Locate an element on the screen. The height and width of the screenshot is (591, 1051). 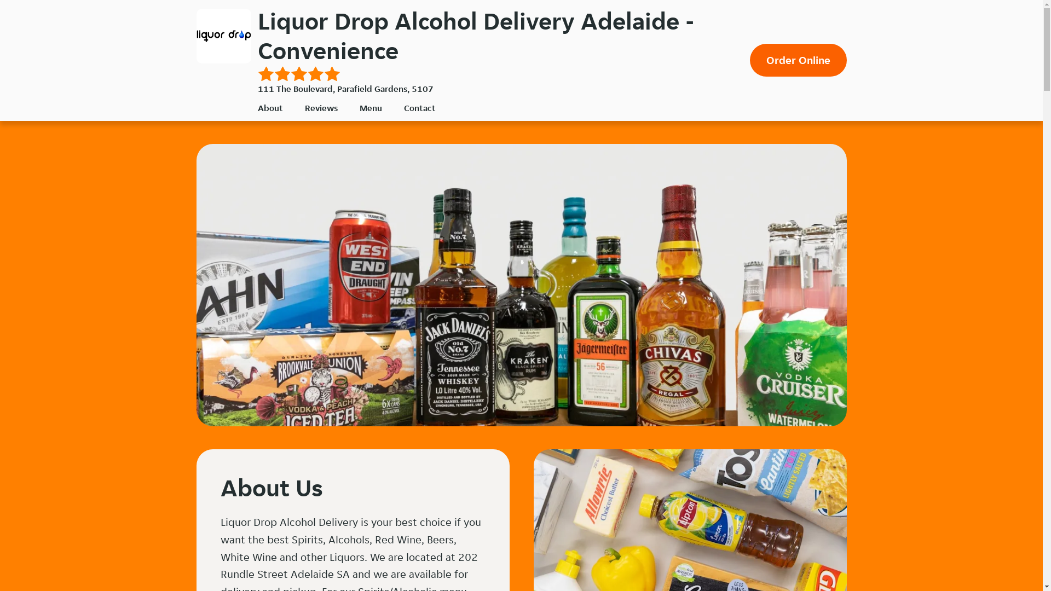
'Reviews' is located at coordinates (320, 108).